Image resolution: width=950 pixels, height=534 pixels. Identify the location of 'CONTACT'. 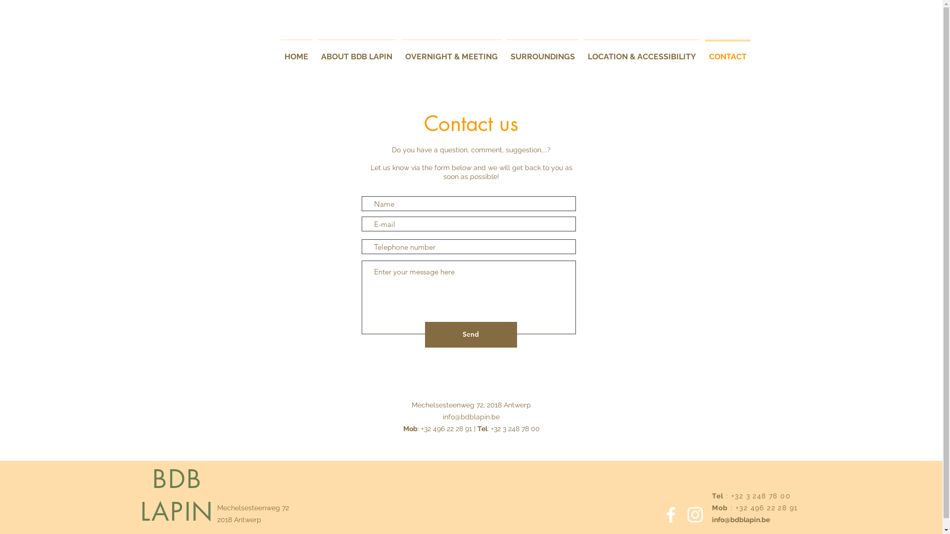
(727, 52).